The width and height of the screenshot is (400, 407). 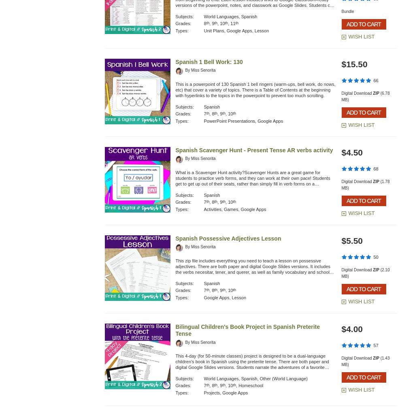 I want to click on 'Bundle', so click(x=347, y=11).